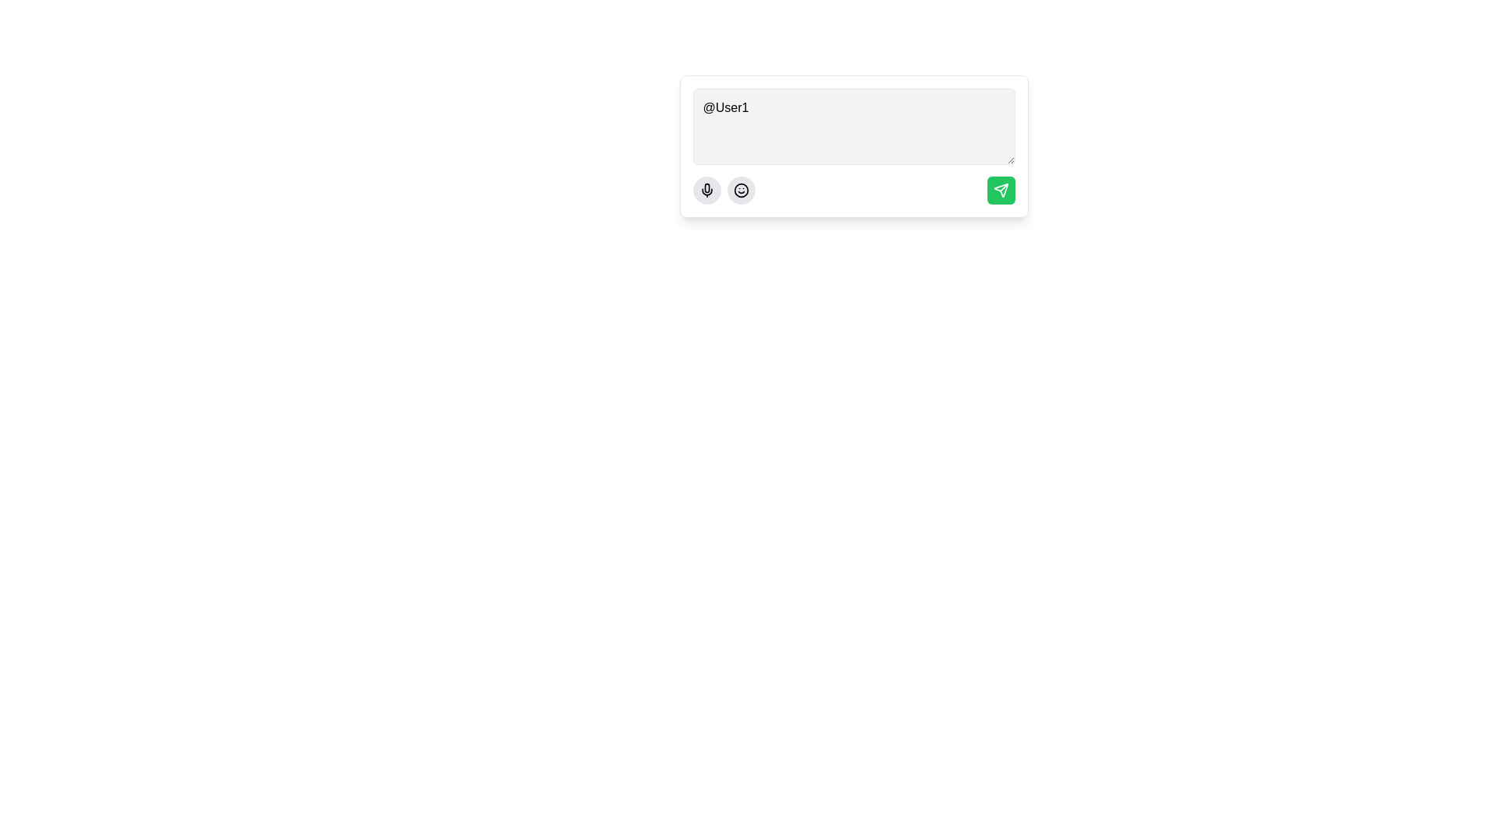  What do you see at coordinates (706, 190) in the screenshot?
I see `the circular icon button for voice input located at the center of the bottom region of the interface` at bounding box center [706, 190].